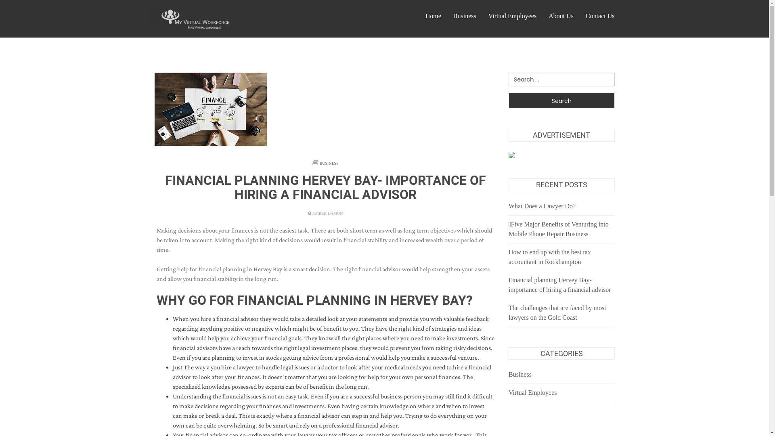  Describe the element at coordinates (433, 16) in the screenshot. I see `'Home'` at that location.